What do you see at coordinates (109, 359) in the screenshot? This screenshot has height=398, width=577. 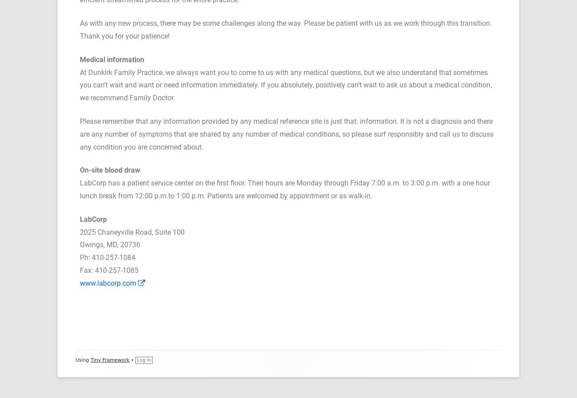 I see `'Tiny Framework'` at bounding box center [109, 359].